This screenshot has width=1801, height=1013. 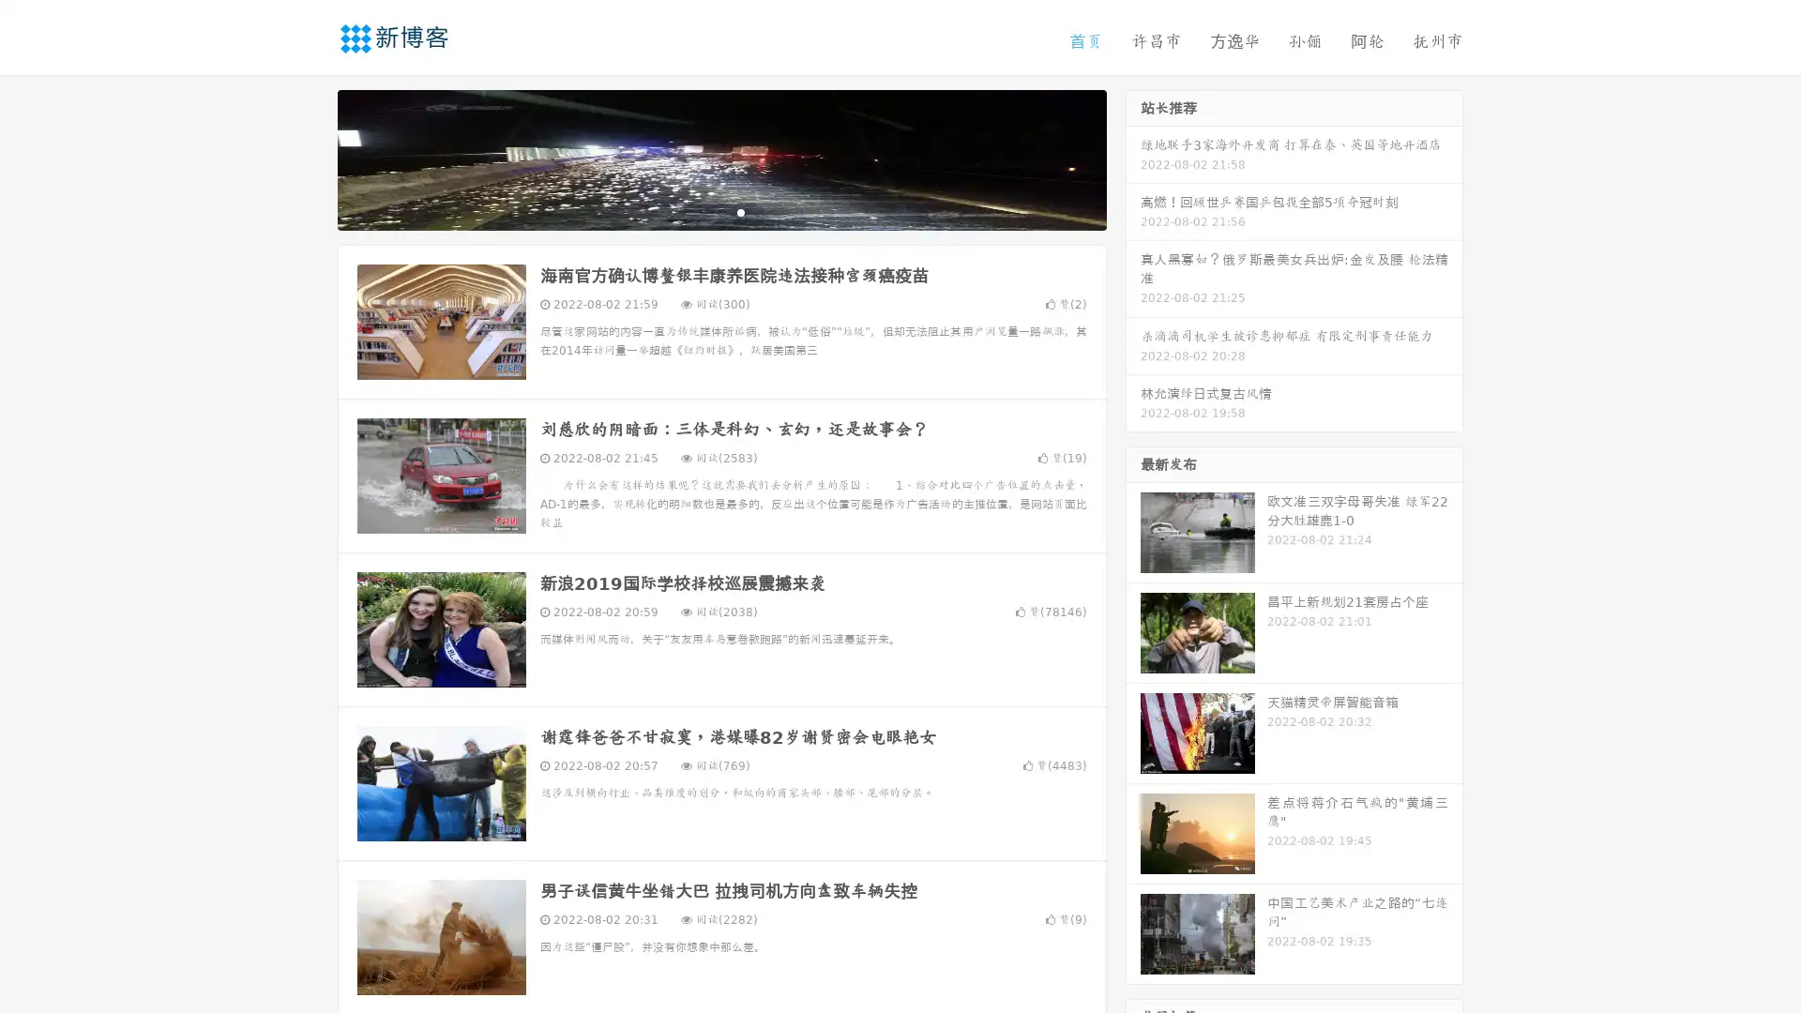 I want to click on Go to slide 2, so click(x=720, y=211).